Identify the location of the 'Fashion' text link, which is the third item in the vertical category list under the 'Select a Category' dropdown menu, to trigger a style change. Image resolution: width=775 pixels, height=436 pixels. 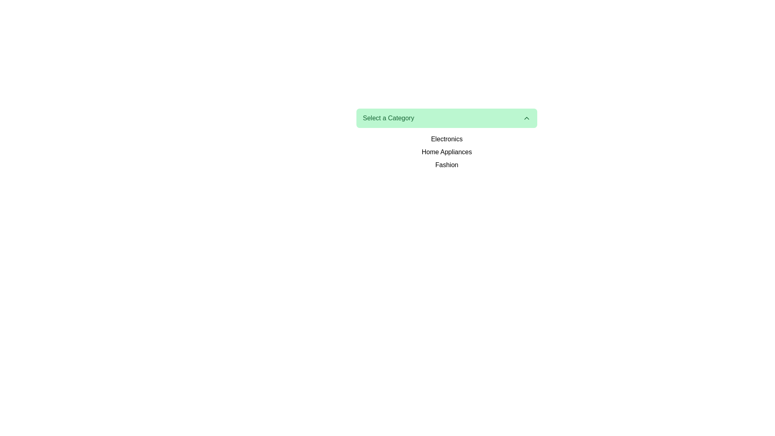
(446, 164).